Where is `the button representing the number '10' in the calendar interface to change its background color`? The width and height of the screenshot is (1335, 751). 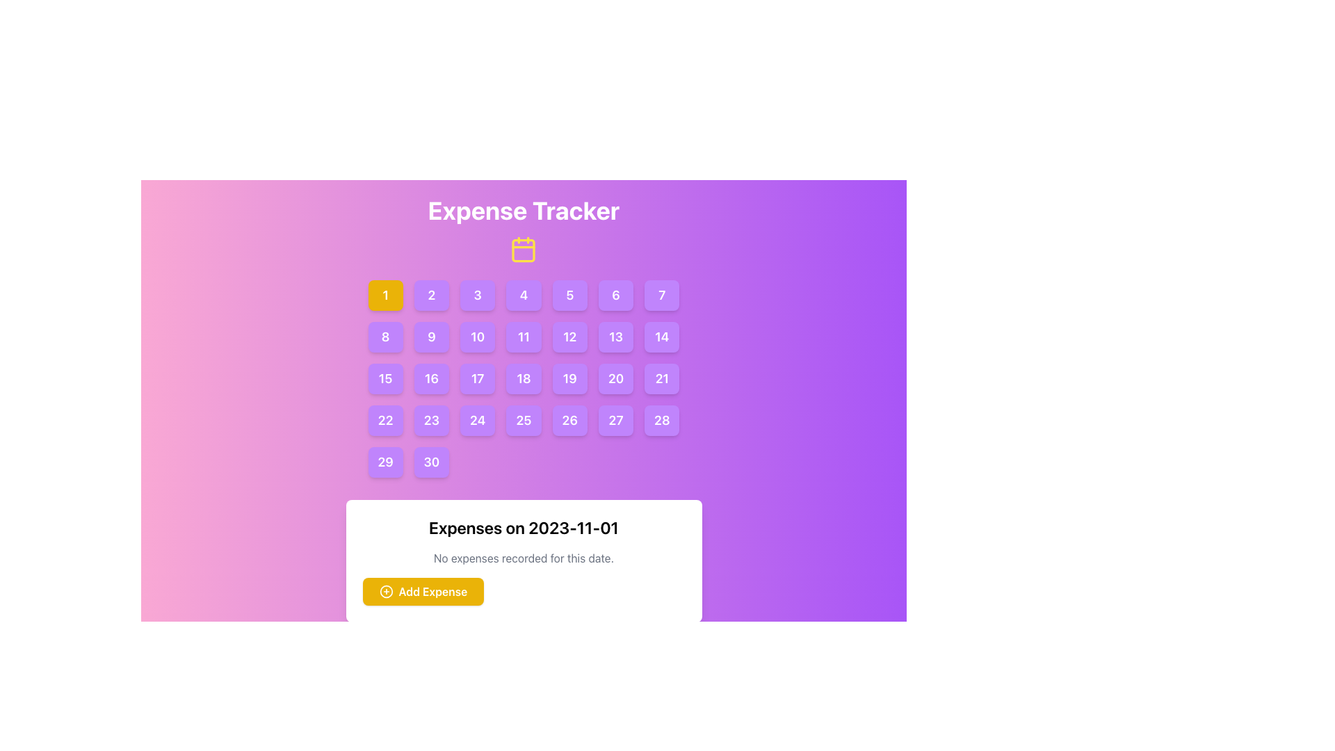 the button representing the number '10' in the calendar interface to change its background color is located at coordinates (478, 337).